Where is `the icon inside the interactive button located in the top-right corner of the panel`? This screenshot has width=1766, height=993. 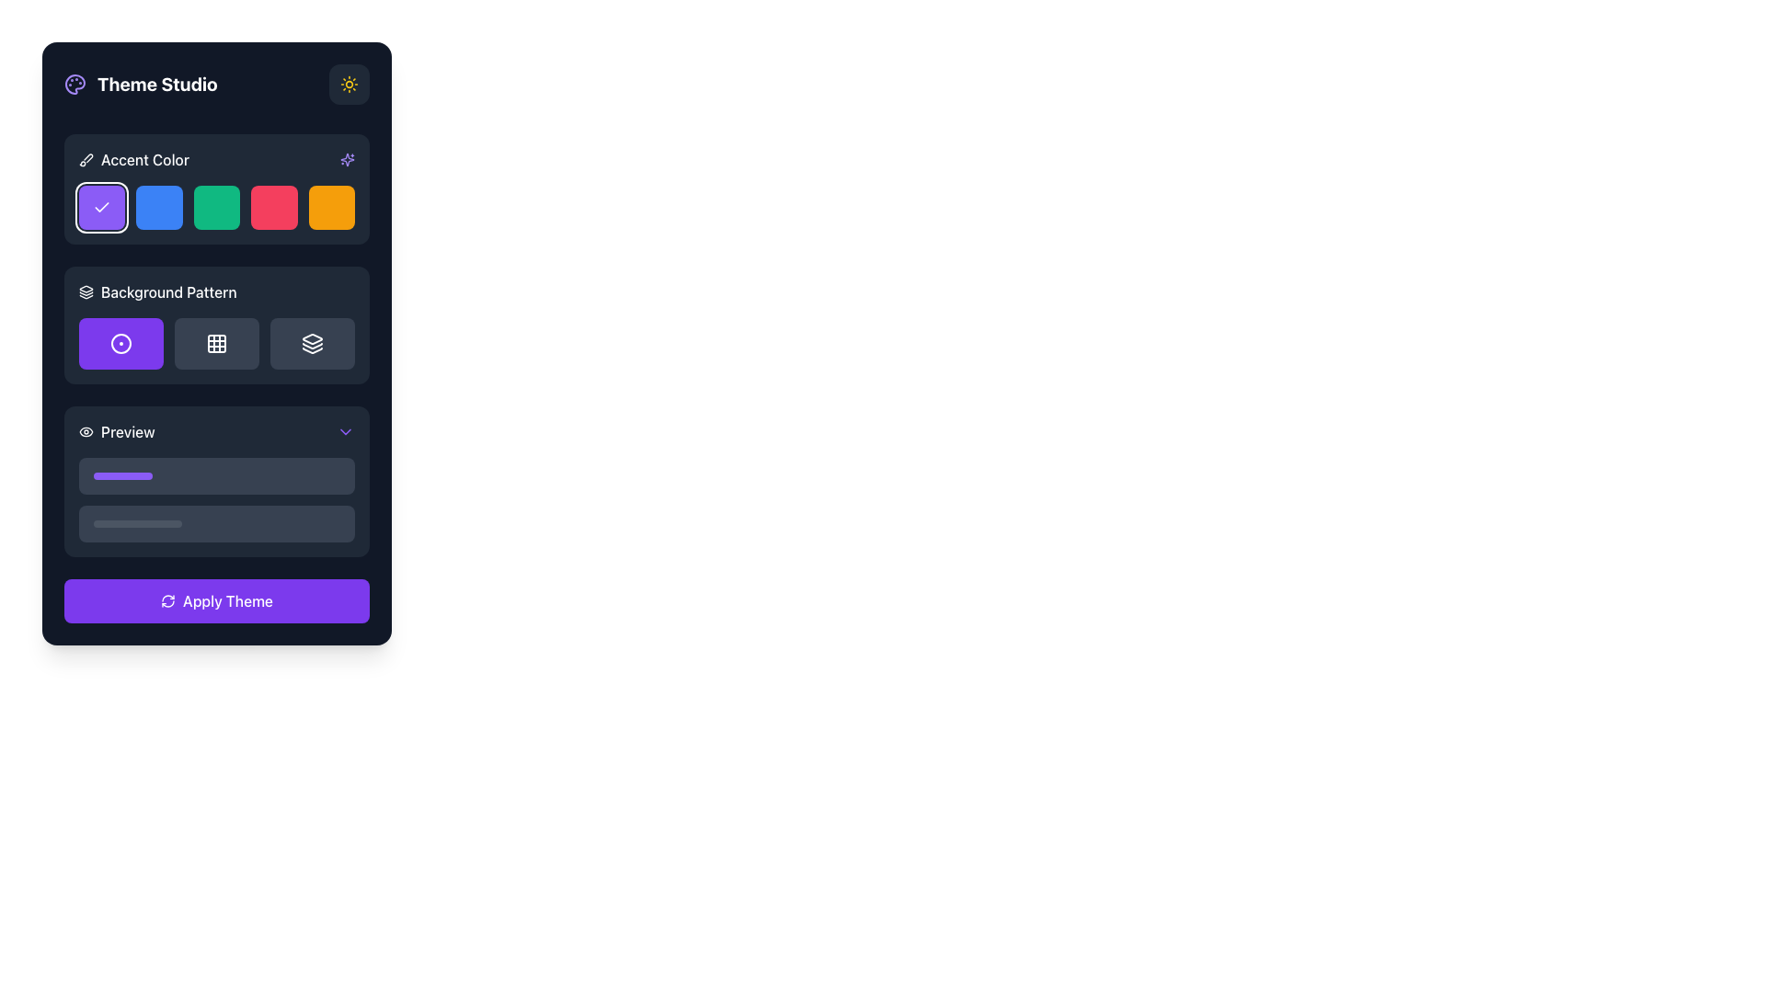 the icon inside the interactive button located in the top-right corner of the panel is located at coordinates (349, 85).